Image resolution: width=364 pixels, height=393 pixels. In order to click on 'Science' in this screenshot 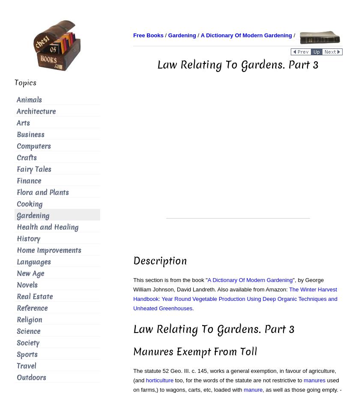, I will do `click(28, 331)`.